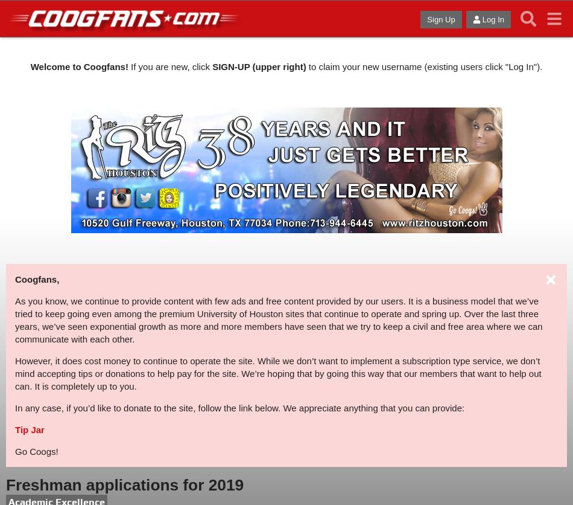 The image size is (573, 505). What do you see at coordinates (125, 483) in the screenshot?
I see `'Freshman applications for 2019'` at bounding box center [125, 483].